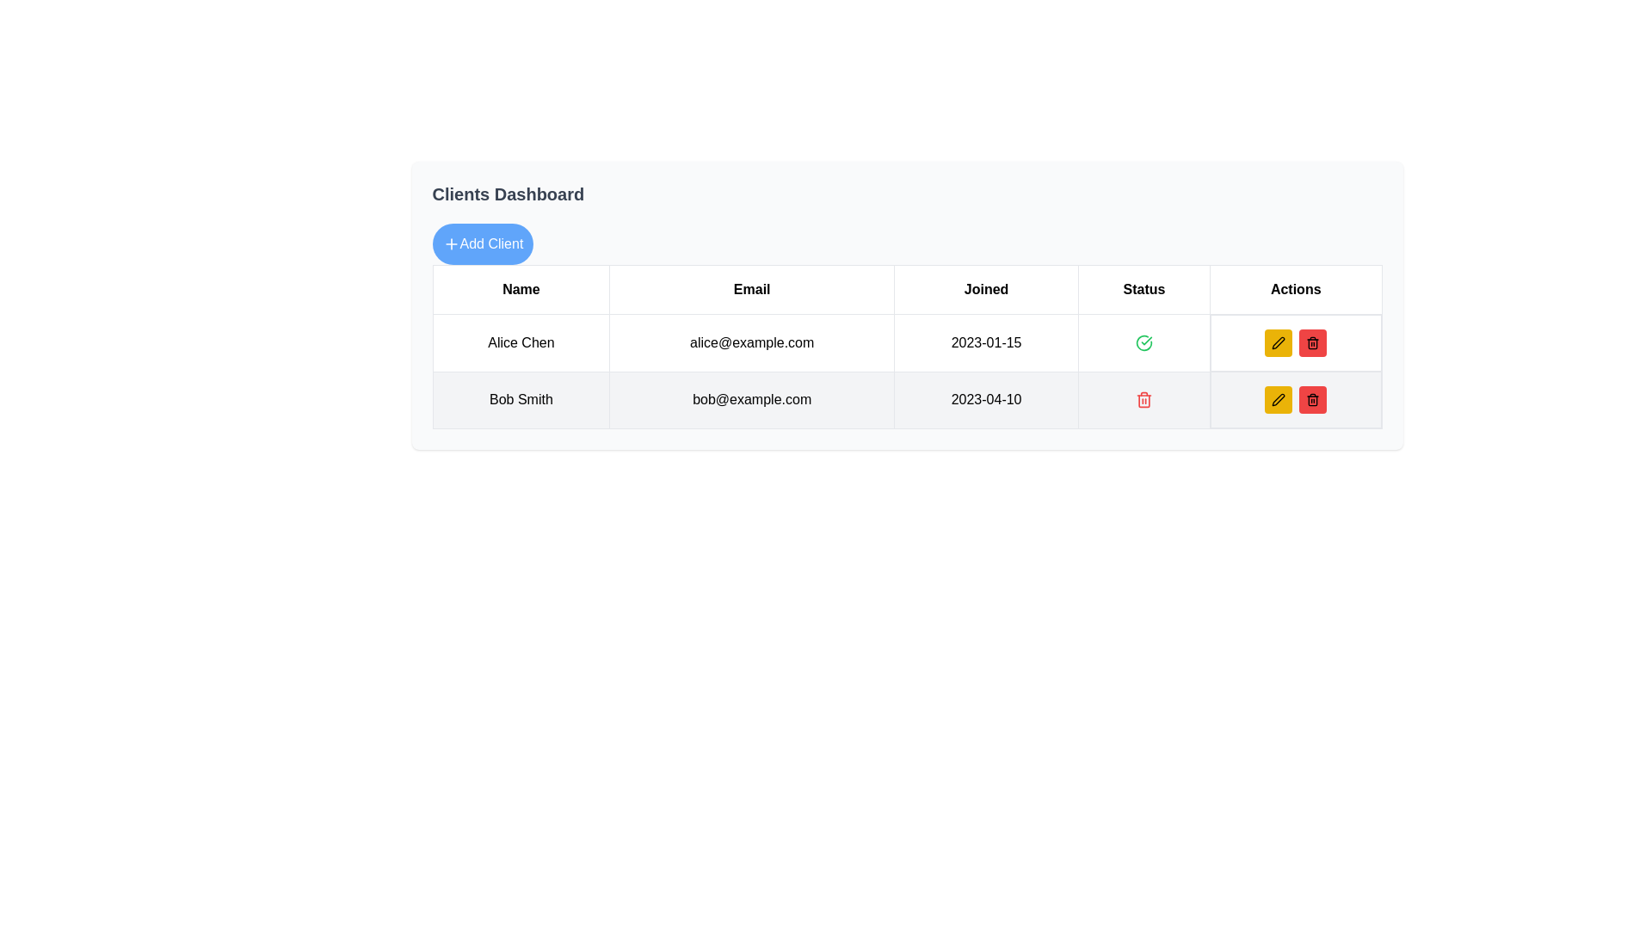  What do you see at coordinates (520, 288) in the screenshot?
I see `the 'Name' column header in the table, which is the first item in the horizontal header row, aligned leftmost` at bounding box center [520, 288].